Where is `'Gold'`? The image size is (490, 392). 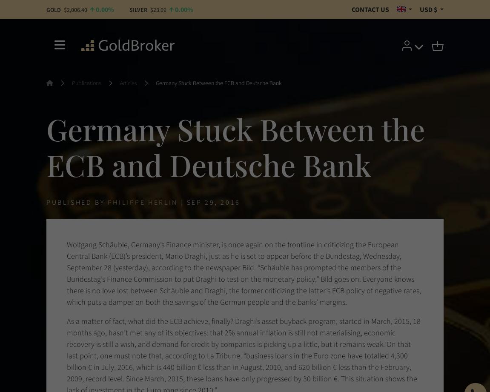
'Gold' is located at coordinates (46, 10).